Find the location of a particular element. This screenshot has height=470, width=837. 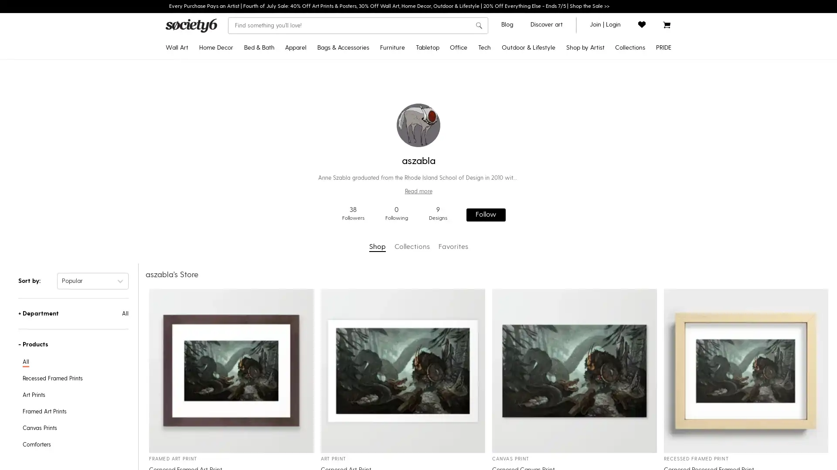

Rectangular Pillows is located at coordinates (232, 97).